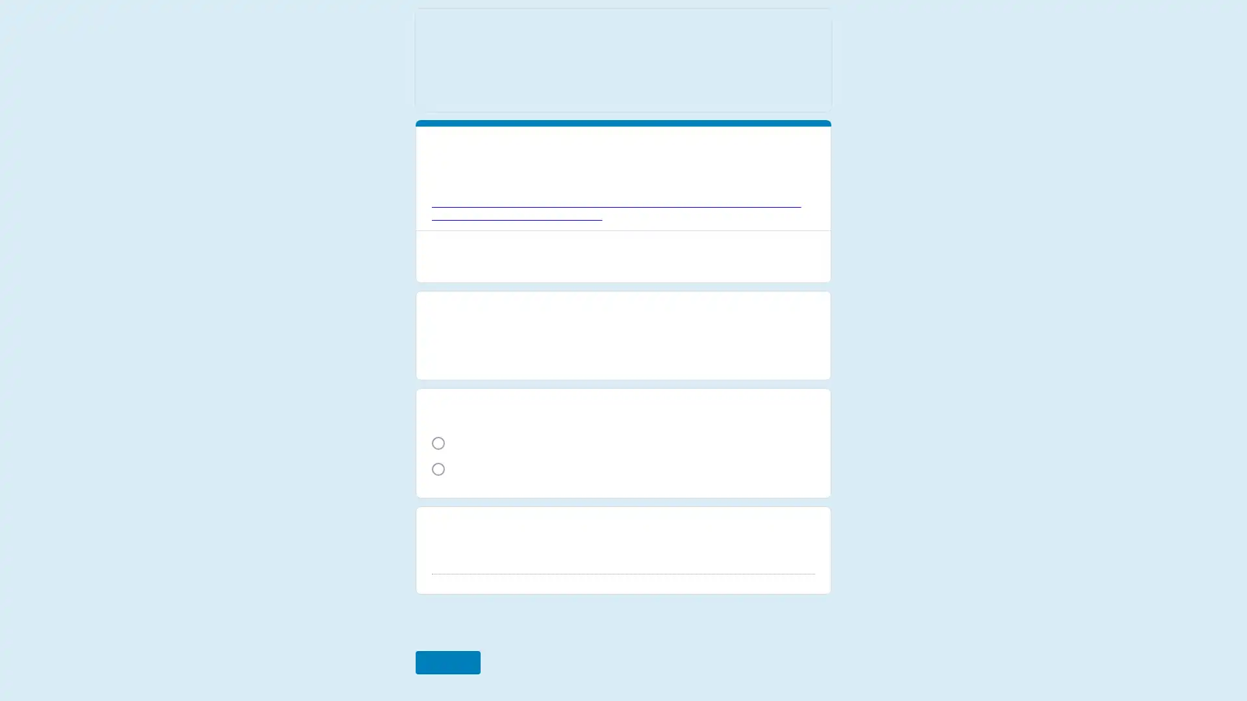 Image resolution: width=1247 pixels, height=701 pixels. I want to click on Clear form, so click(800, 650).